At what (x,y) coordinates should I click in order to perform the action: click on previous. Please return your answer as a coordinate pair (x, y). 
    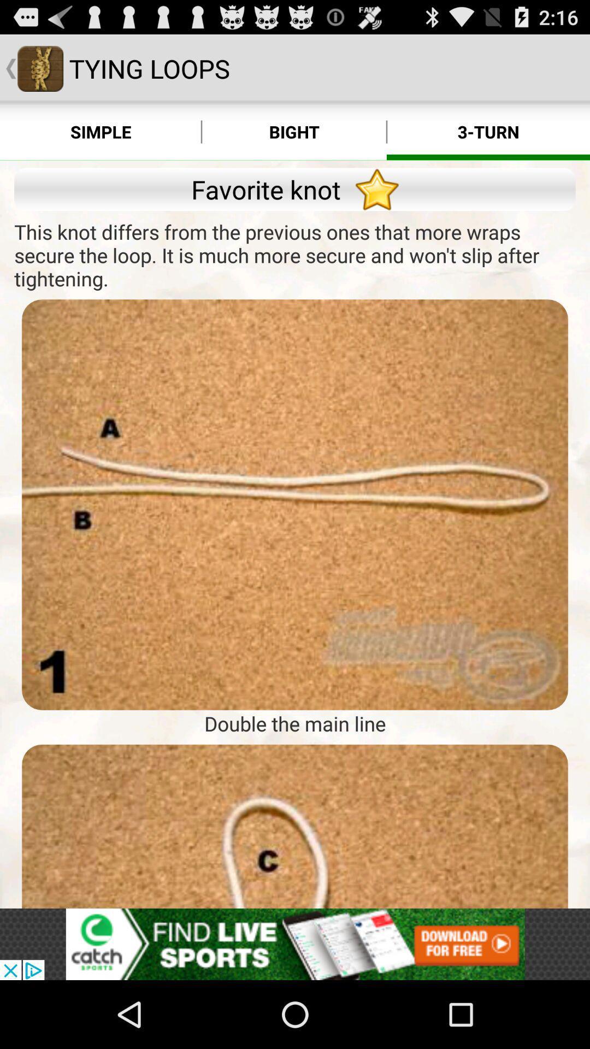
    Looking at the image, I should click on (295, 826).